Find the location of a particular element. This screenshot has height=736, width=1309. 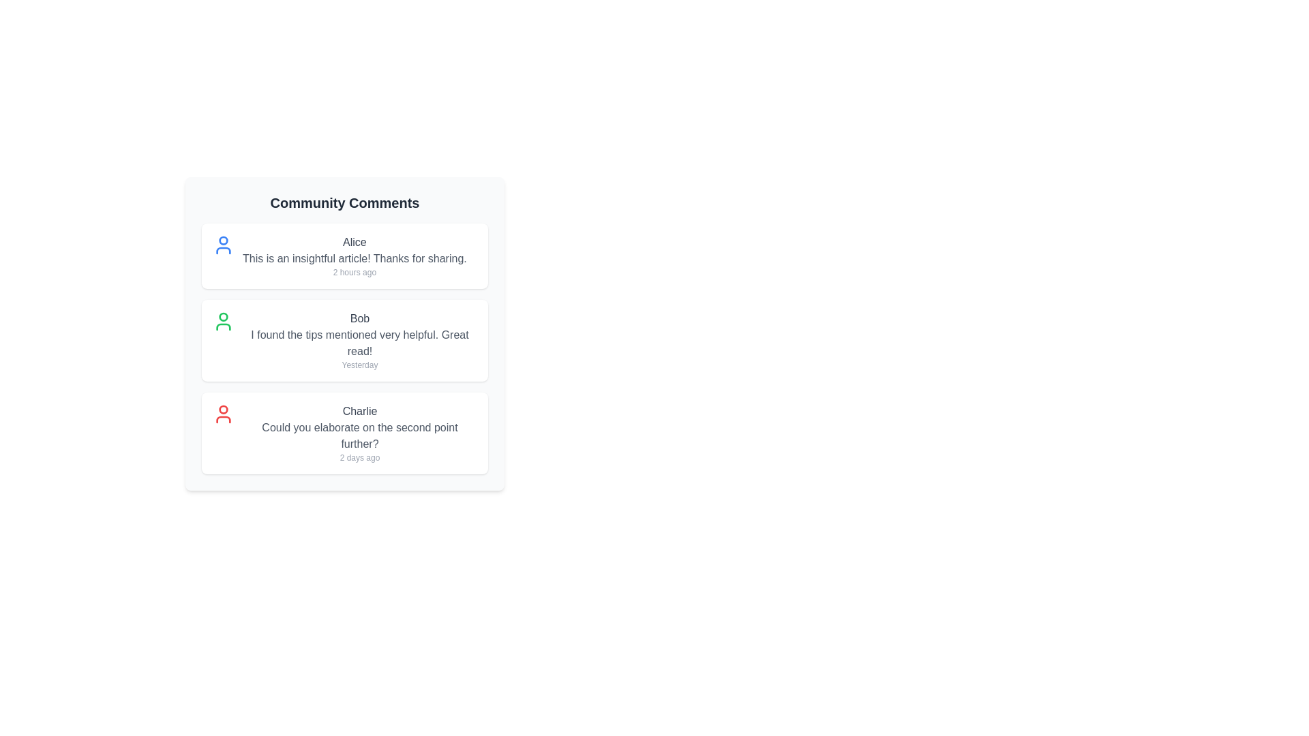

the avatar of Alice to view their profile is located at coordinates (223, 244).